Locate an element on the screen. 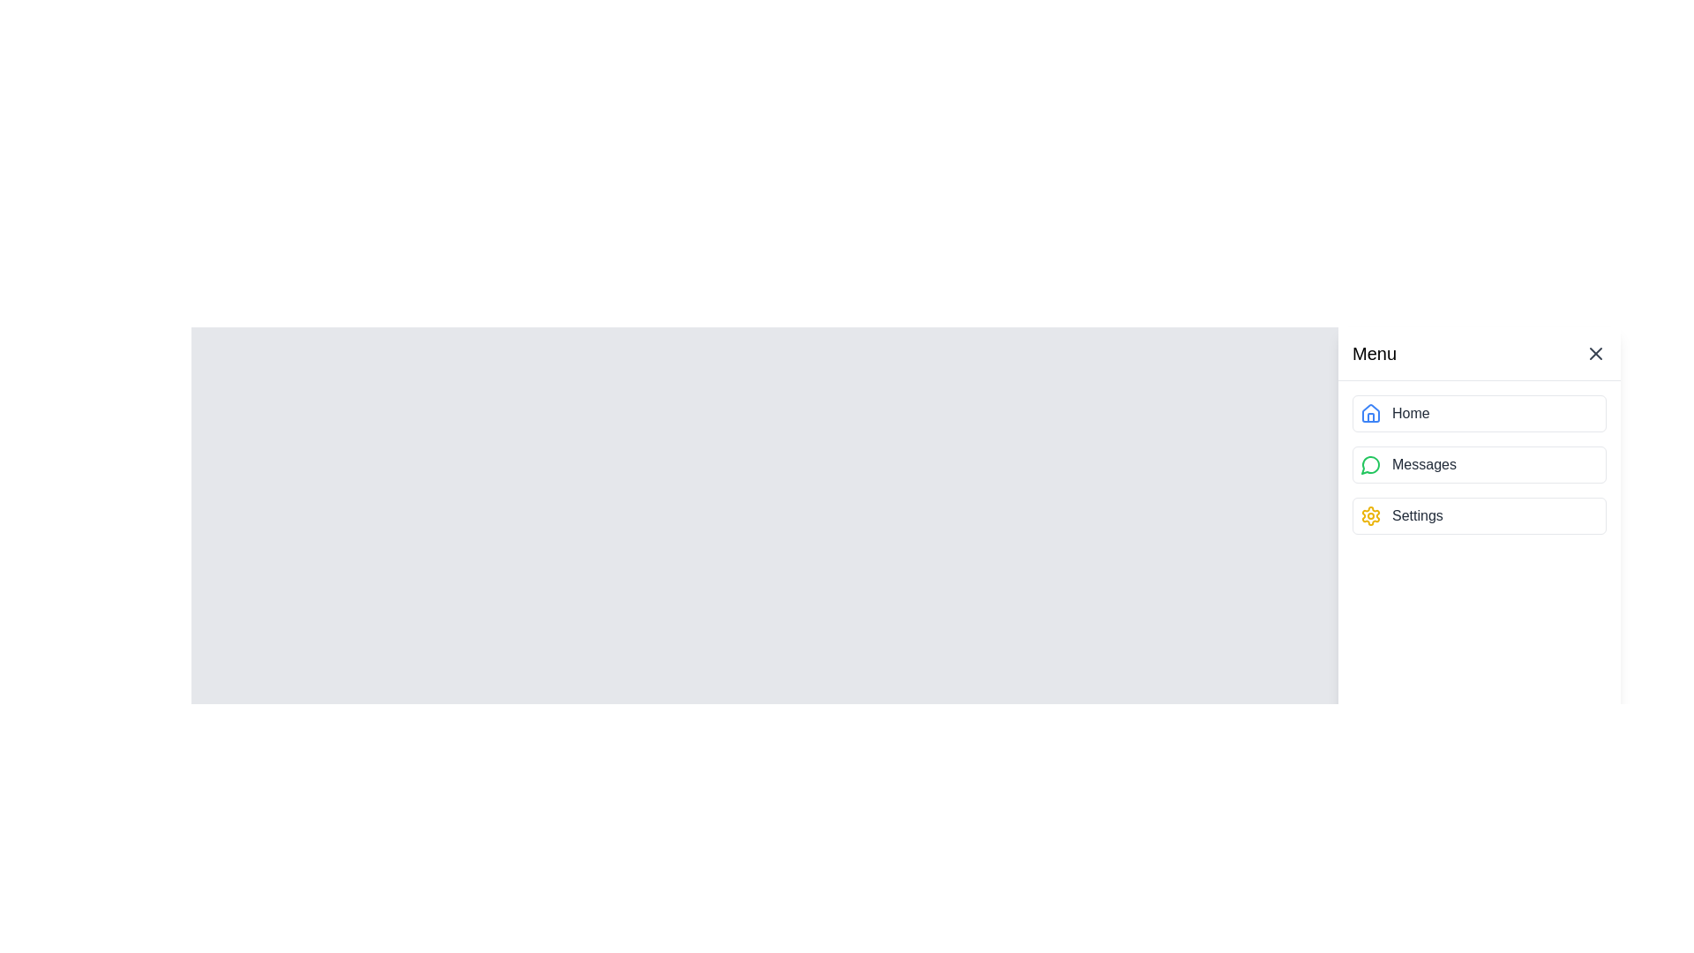 Image resolution: width=1694 pixels, height=953 pixels. the navigation button for accessing the 'Messages' section, which is the second item in the vertical menu list, located between the 'Home' button above and the 'Settings' button below is located at coordinates (1479, 464).